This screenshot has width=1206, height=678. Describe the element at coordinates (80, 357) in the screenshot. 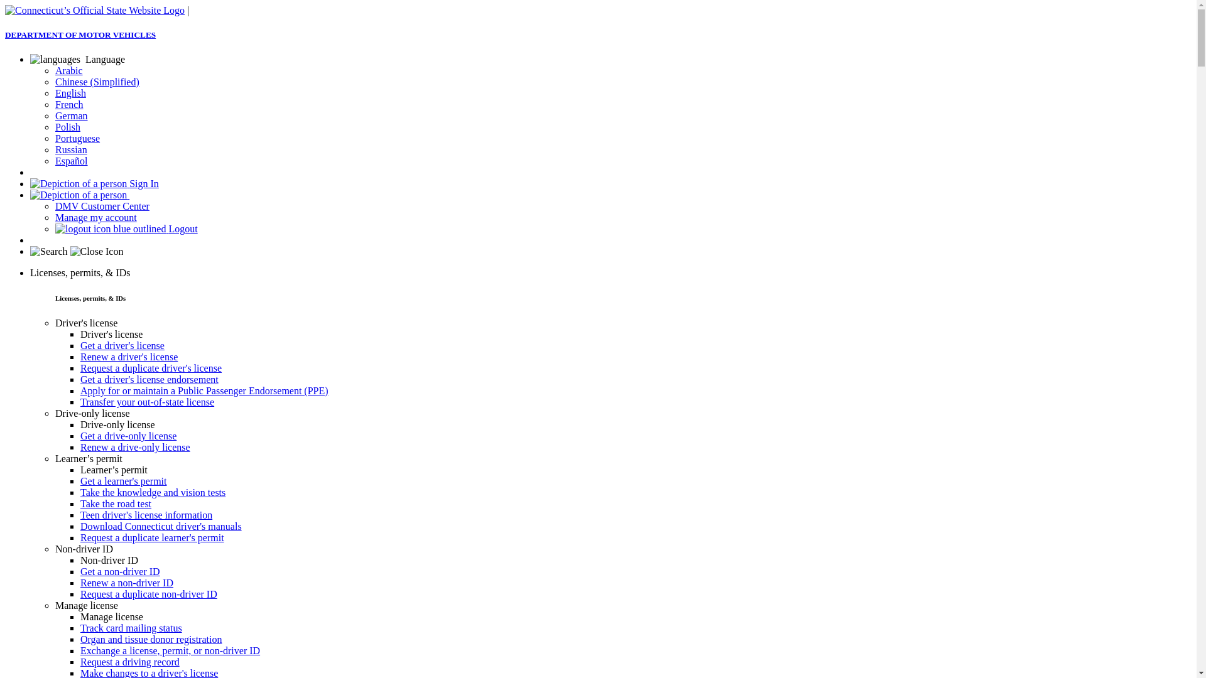

I see `'Renew a driver's license'` at that location.